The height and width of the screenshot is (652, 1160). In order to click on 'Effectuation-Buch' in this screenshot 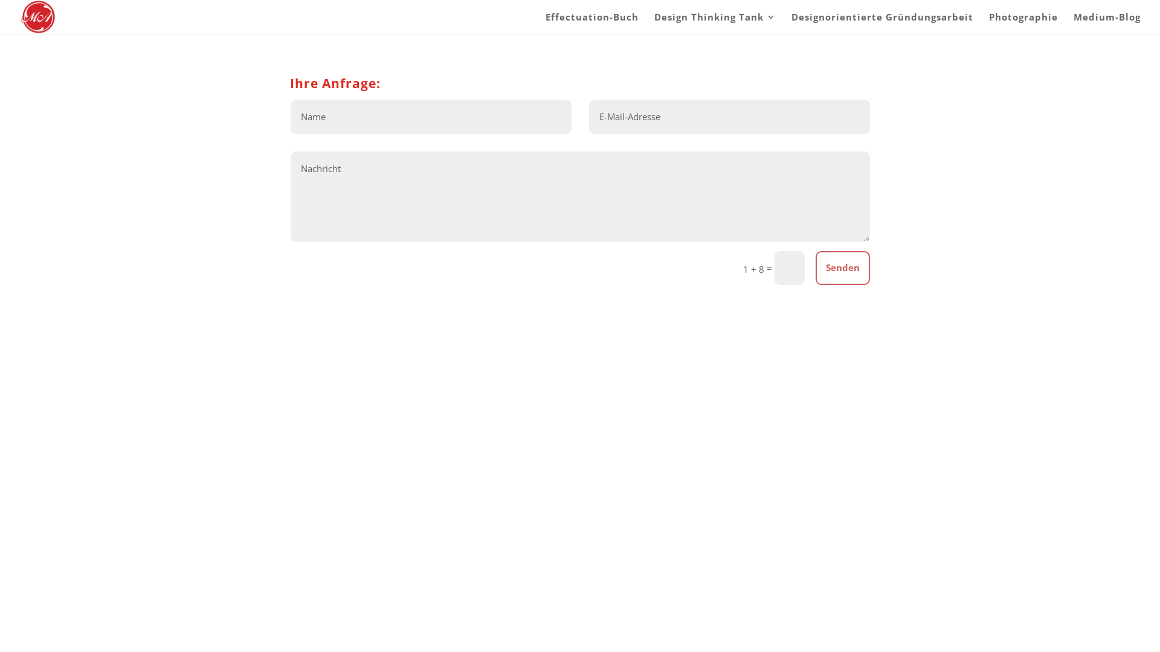, I will do `click(591, 23)`.